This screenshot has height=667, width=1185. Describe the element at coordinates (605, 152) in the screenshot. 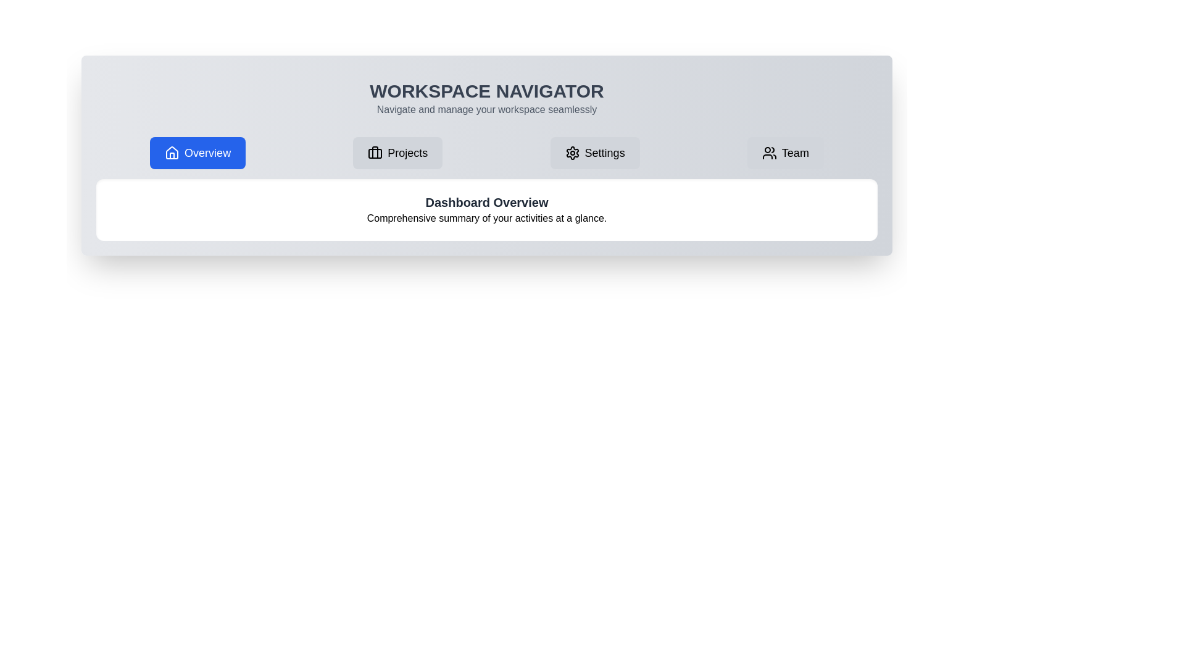

I see `the text label located in the primary navigation bar, which serves as the label for a settings or configuration button, positioned between the 'Projects' and 'Team' buttons` at that location.